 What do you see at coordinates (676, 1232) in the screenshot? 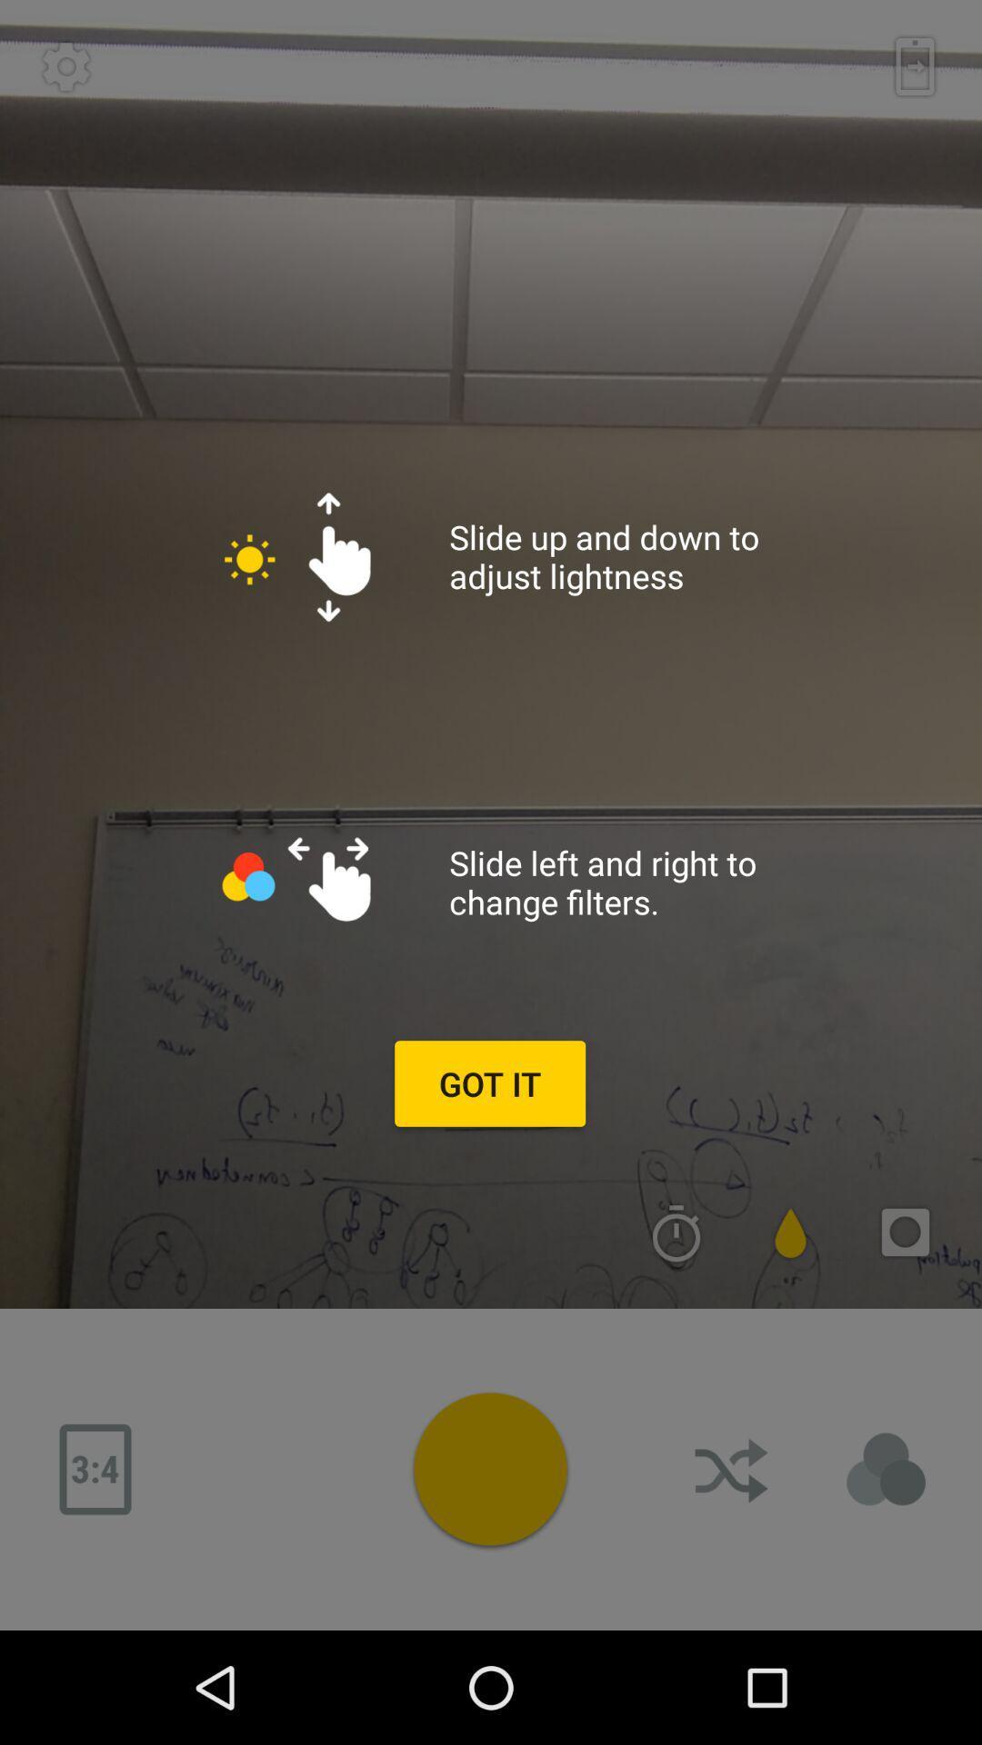
I see `alarm` at bounding box center [676, 1232].